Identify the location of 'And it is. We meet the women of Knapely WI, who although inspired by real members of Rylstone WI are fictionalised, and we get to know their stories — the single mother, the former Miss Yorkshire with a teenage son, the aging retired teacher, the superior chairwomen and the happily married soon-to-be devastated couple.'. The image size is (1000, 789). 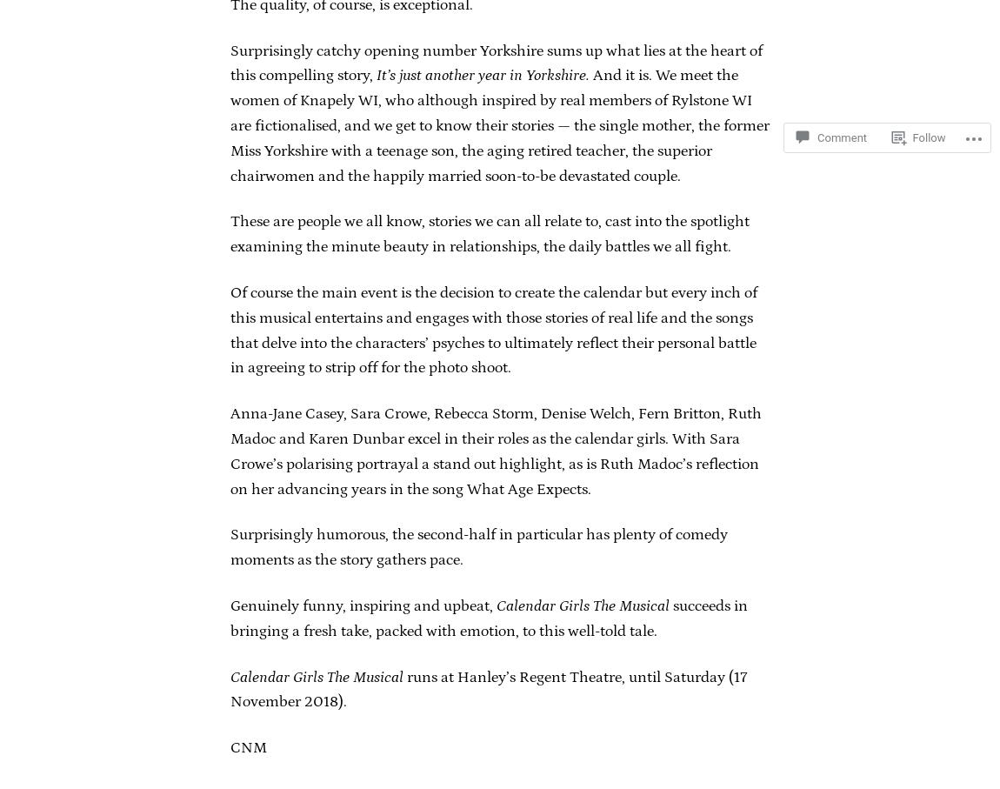
(500, 125).